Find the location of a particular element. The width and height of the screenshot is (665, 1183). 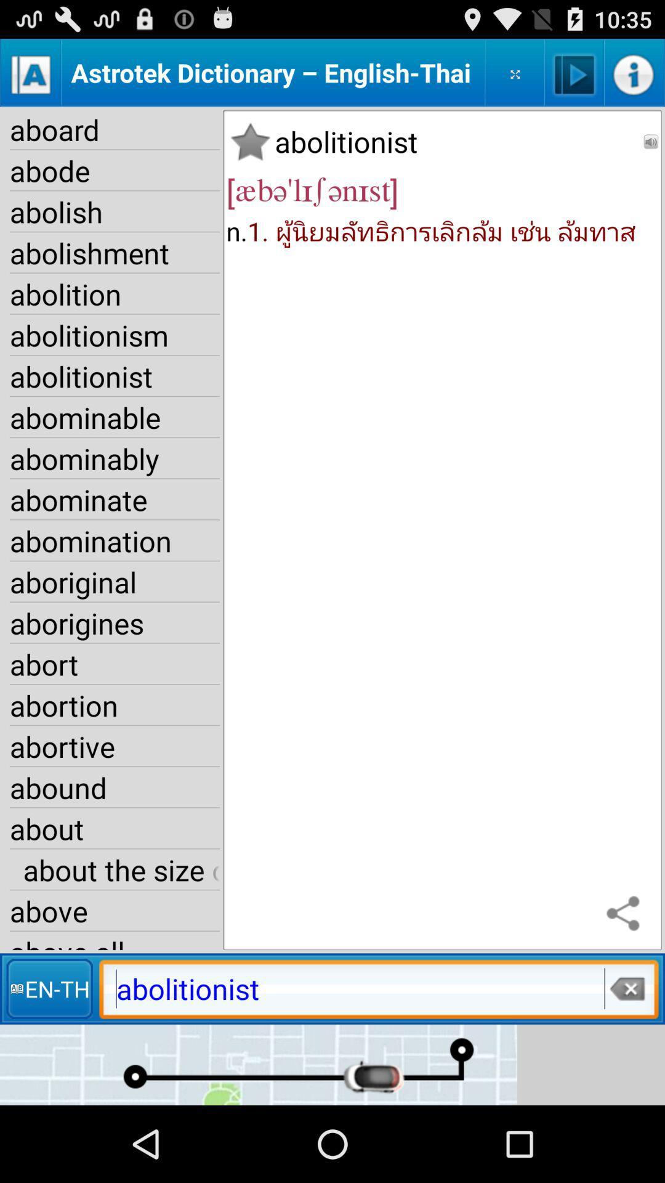

the icon above aboriginal is located at coordinates (115, 540).